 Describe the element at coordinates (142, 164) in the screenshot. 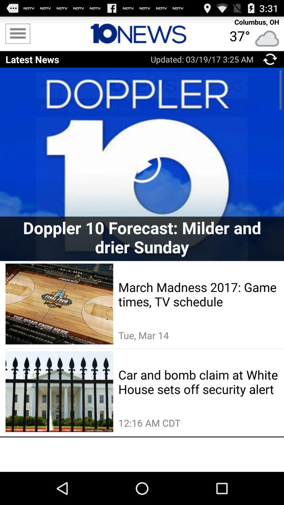

I see `icon above the doppler 10 forecast app` at that location.